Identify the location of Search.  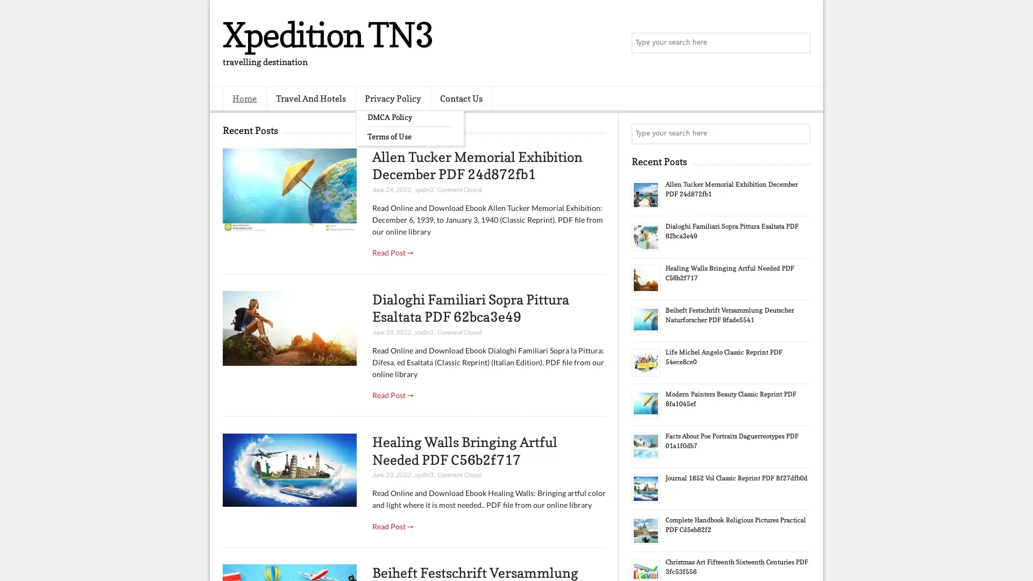
(799, 133).